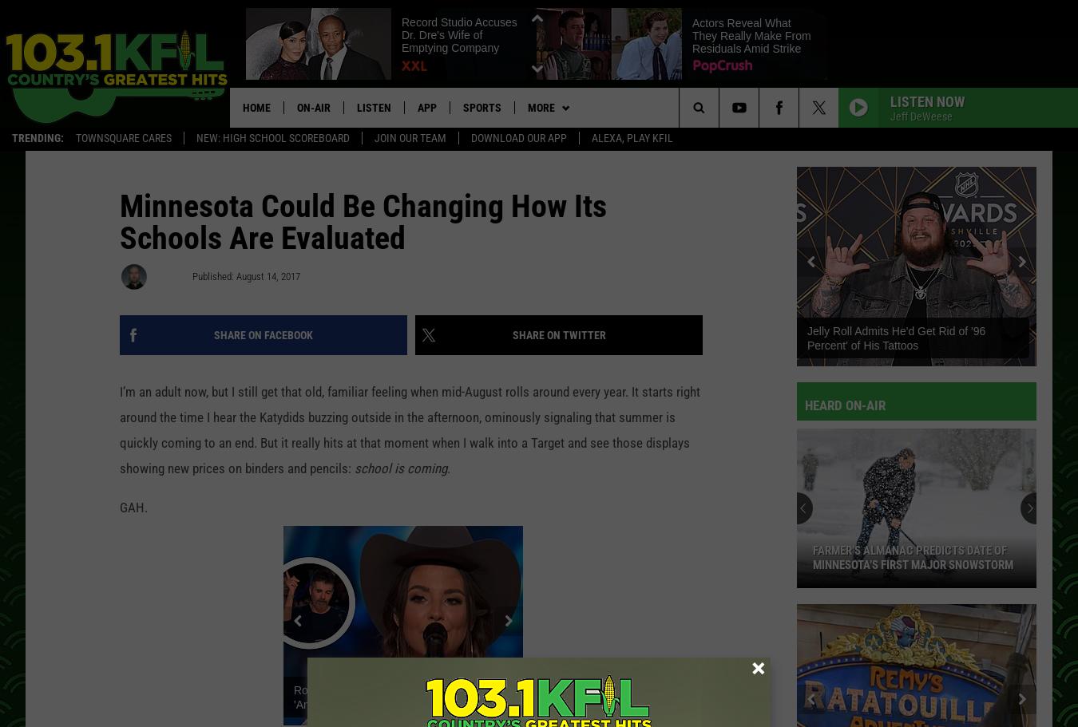 Image resolution: width=1078 pixels, height=727 pixels. Describe the element at coordinates (272, 140) in the screenshot. I see `'NEW: High School Scoreboard'` at that location.